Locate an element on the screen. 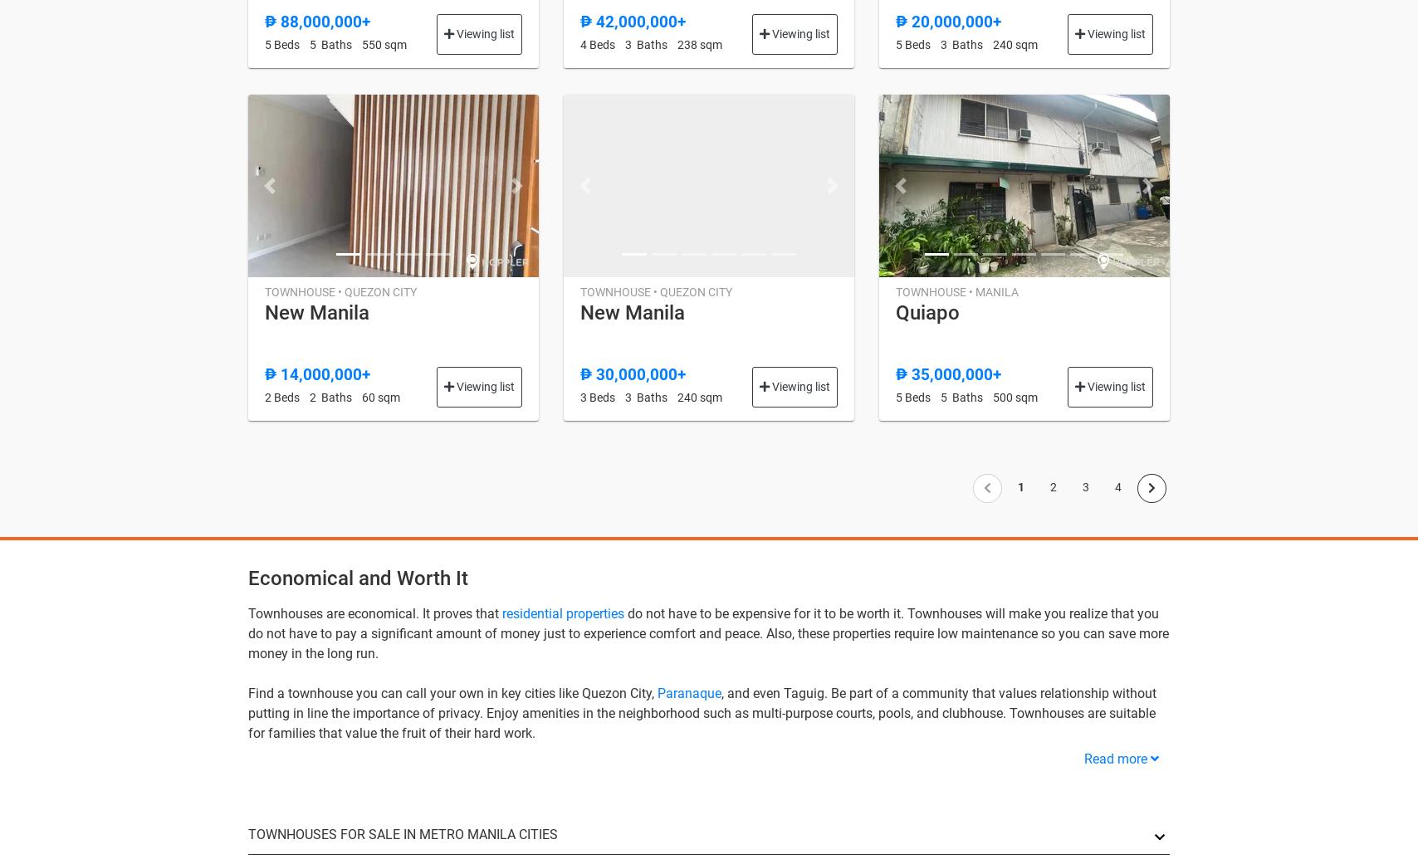 This screenshot has width=1418, height=859. '550 sqm' is located at coordinates (384, 43).